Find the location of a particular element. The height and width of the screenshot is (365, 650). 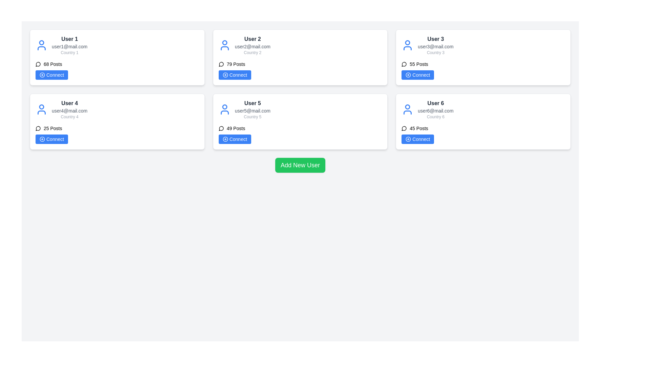

the 'User 4' Profile Card located is located at coordinates (117, 121).